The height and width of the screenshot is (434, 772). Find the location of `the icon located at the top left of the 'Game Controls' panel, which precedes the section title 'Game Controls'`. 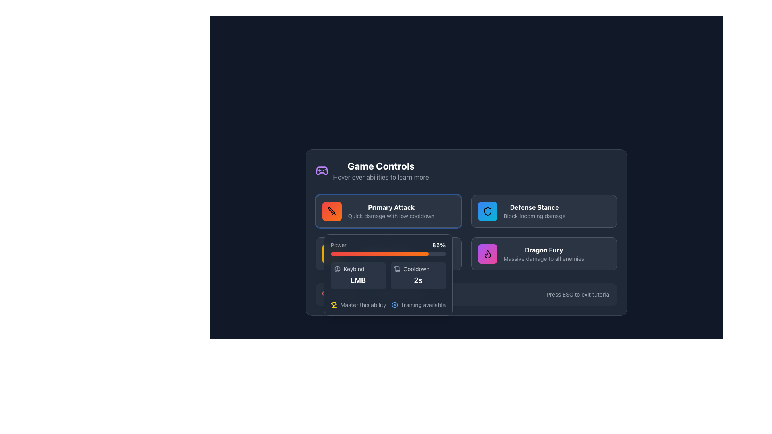

the icon located at the top left of the 'Game Controls' panel, which precedes the section title 'Game Controls' is located at coordinates (322, 170).